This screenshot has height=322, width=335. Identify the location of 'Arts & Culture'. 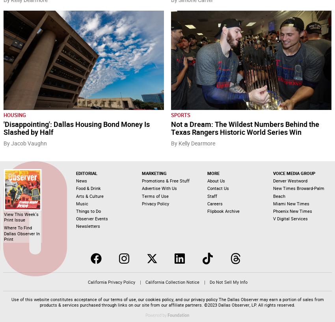
(89, 195).